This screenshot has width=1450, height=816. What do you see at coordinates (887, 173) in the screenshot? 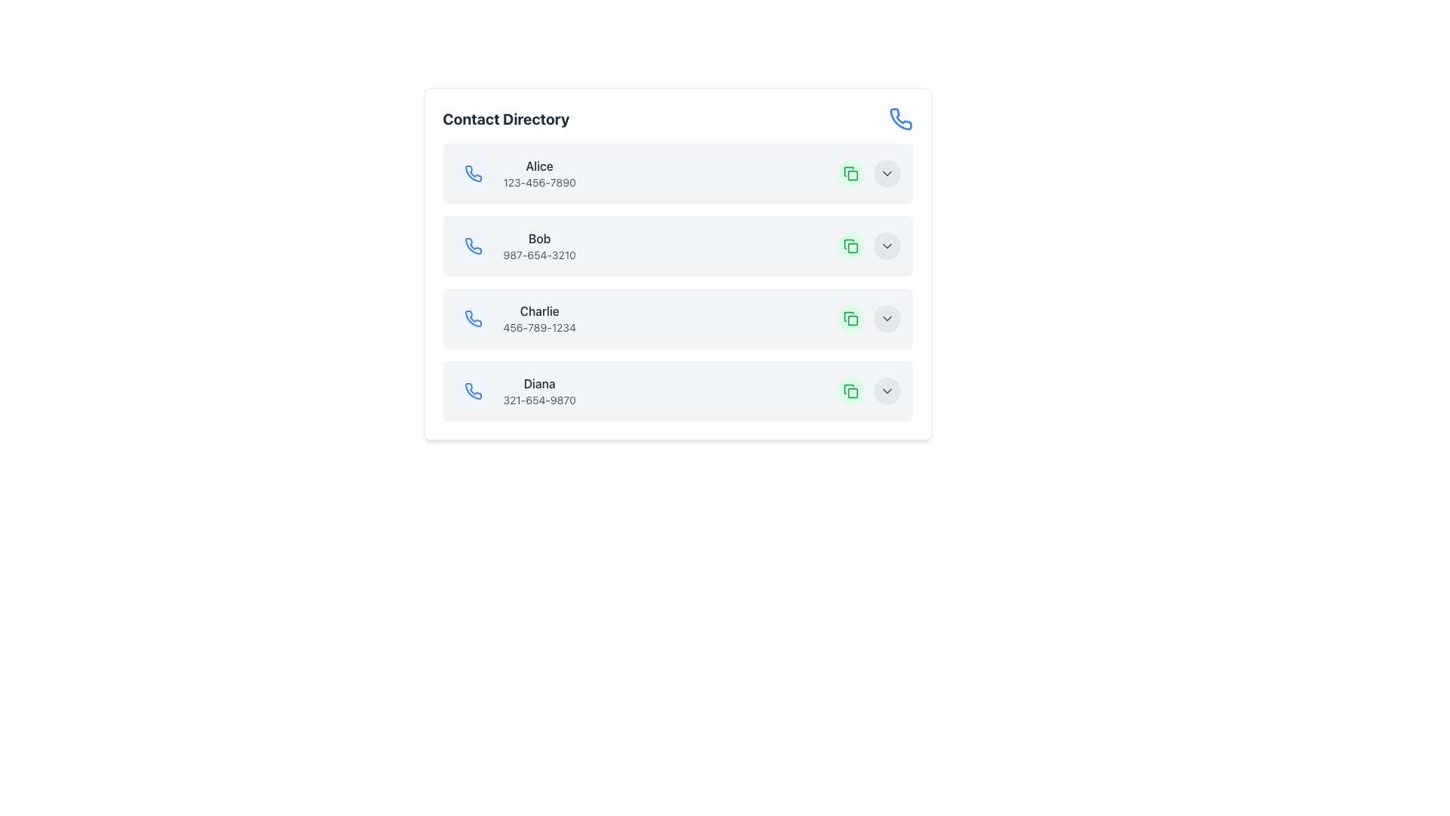
I see `the Chevron Down icon located at the top-right corner of Alice's entry in the Contact Directory panel` at bounding box center [887, 173].